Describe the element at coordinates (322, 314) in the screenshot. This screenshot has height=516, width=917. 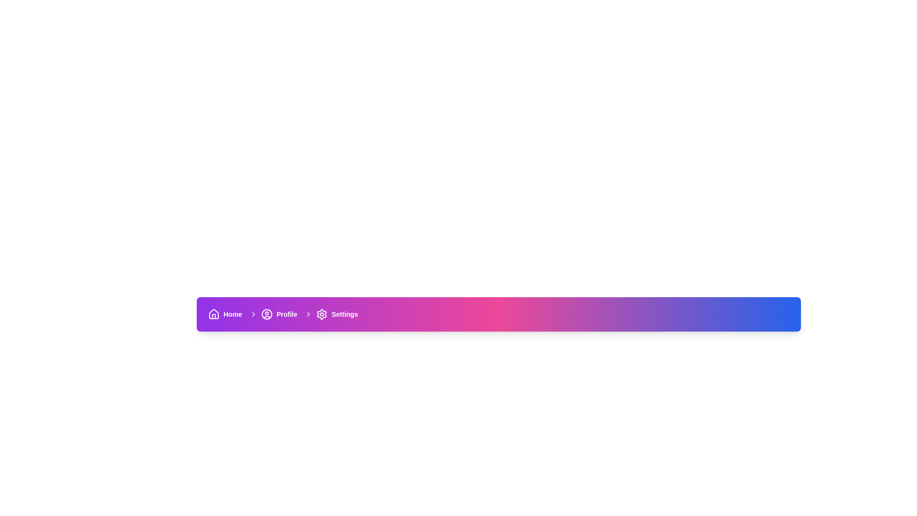
I see `the 'Settings' icon button located towards the middle-right of the bottom bar` at that location.